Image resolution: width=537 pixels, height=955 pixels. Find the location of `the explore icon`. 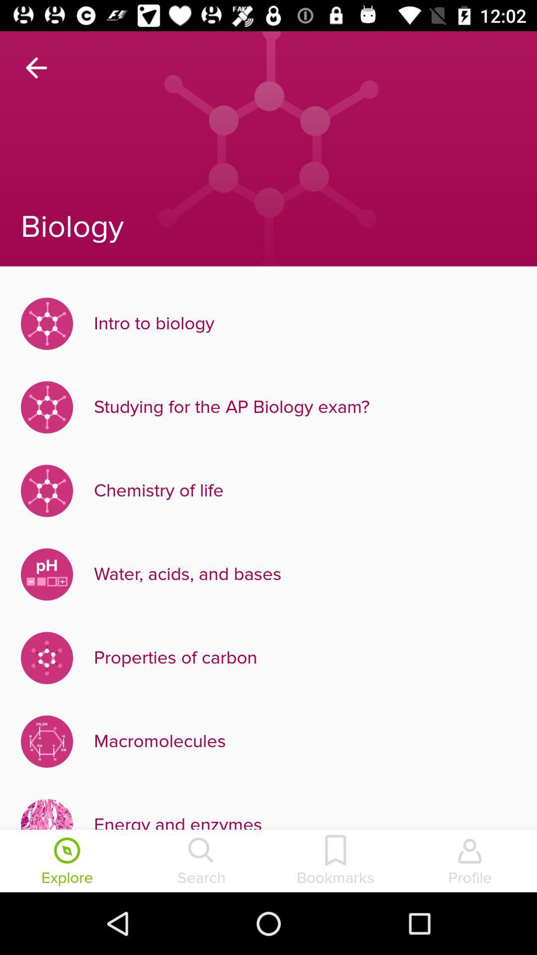

the explore icon is located at coordinates (67, 861).